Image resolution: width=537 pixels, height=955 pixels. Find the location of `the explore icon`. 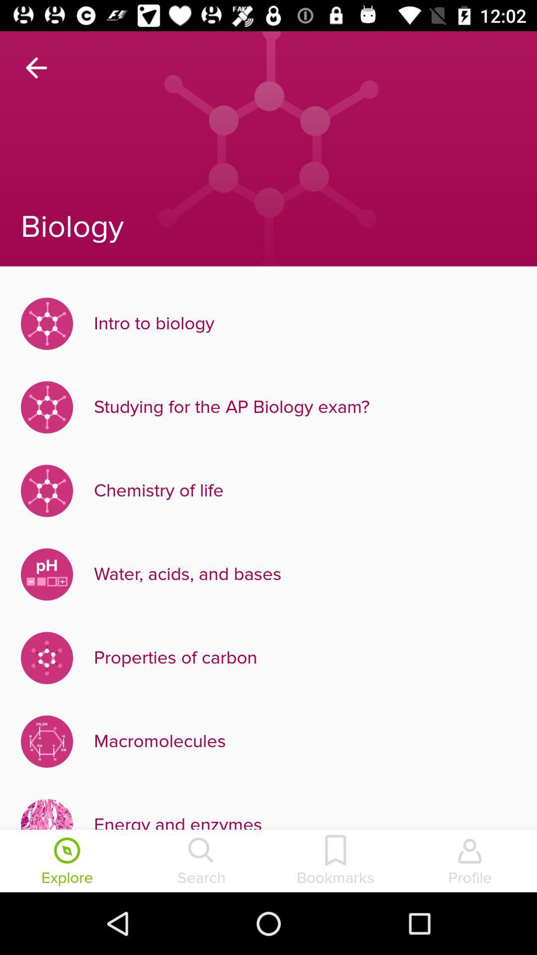

the explore icon is located at coordinates (67, 861).